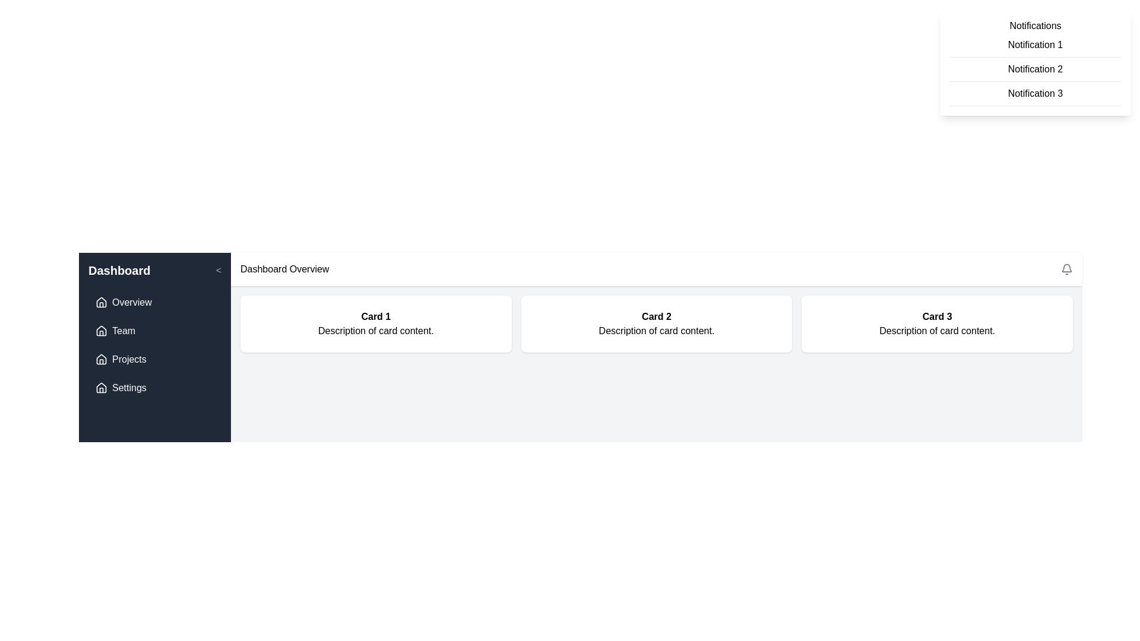 This screenshot has height=641, width=1140. What do you see at coordinates (936, 316) in the screenshot?
I see `text displayed on the Text label that shows 'Card 3', which is styled in bold and positioned at the top of the rightmost card among three horizontally-aligned cards` at bounding box center [936, 316].